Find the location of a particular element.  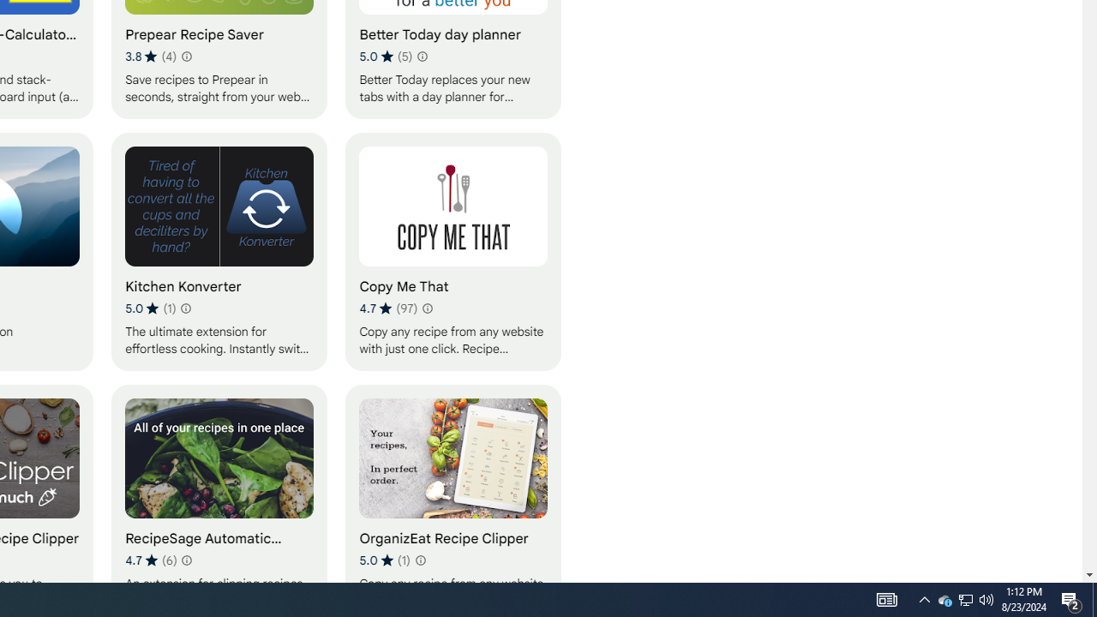

'Average rating 4.7 out of 5 stars. 97 ratings.' is located at coordinates (387, 308).